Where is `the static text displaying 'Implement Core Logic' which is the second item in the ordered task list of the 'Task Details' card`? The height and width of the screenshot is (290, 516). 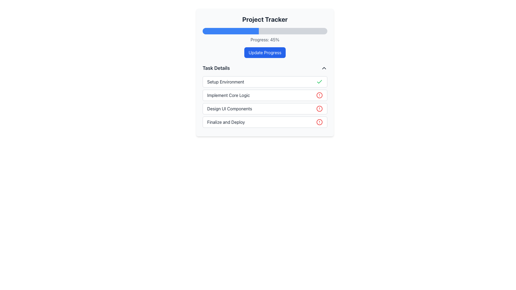
the static text displaying 'Implement Core Logic' which is the second item in the ordered task list of the 'Task Details' card is located at coordinates (228, 95).